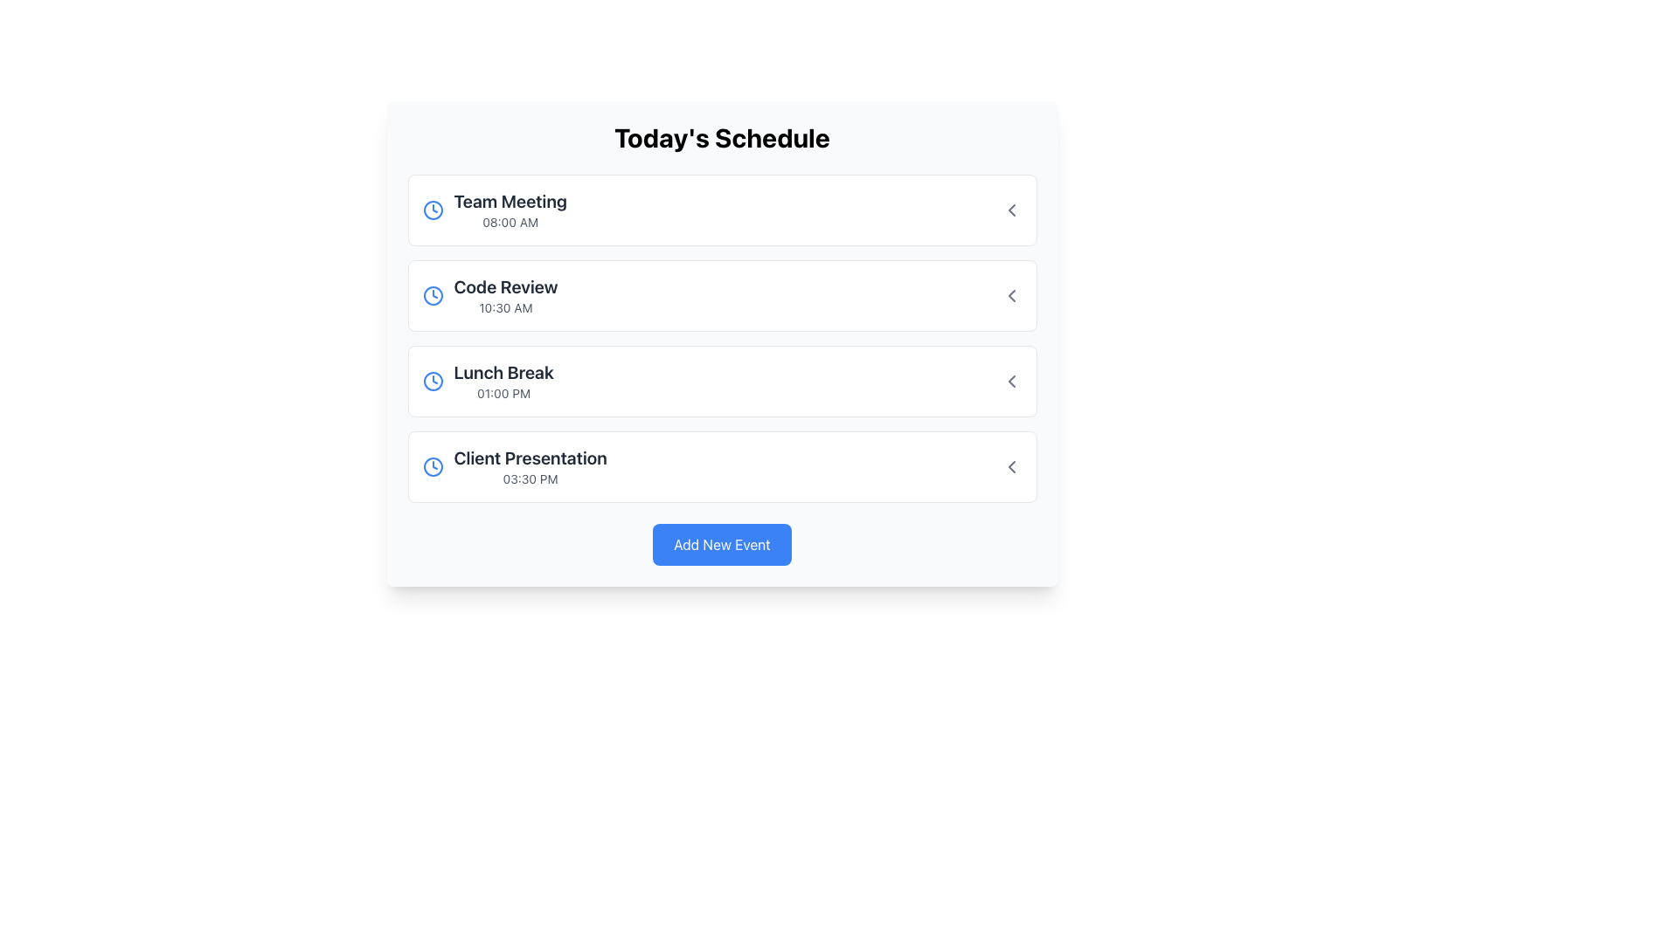 The height and width of the screenshot is (943, 1678). What do you see at coordinates (722, 544) in the screenshot?
I see `the button that initiates the process of adding a new event to the schedule for keyboard navigation` at bounding box center [722, 544].